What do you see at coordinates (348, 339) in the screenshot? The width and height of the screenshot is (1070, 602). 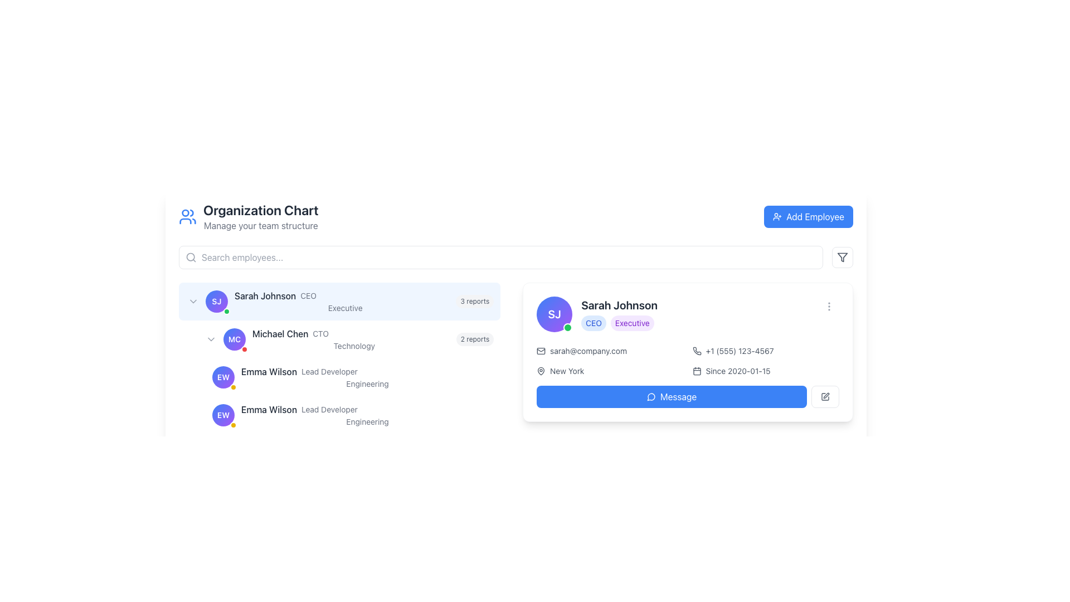 I see `the organizational chart list item for 'Michael Chen CTO'` at bounding box center [348, 339].